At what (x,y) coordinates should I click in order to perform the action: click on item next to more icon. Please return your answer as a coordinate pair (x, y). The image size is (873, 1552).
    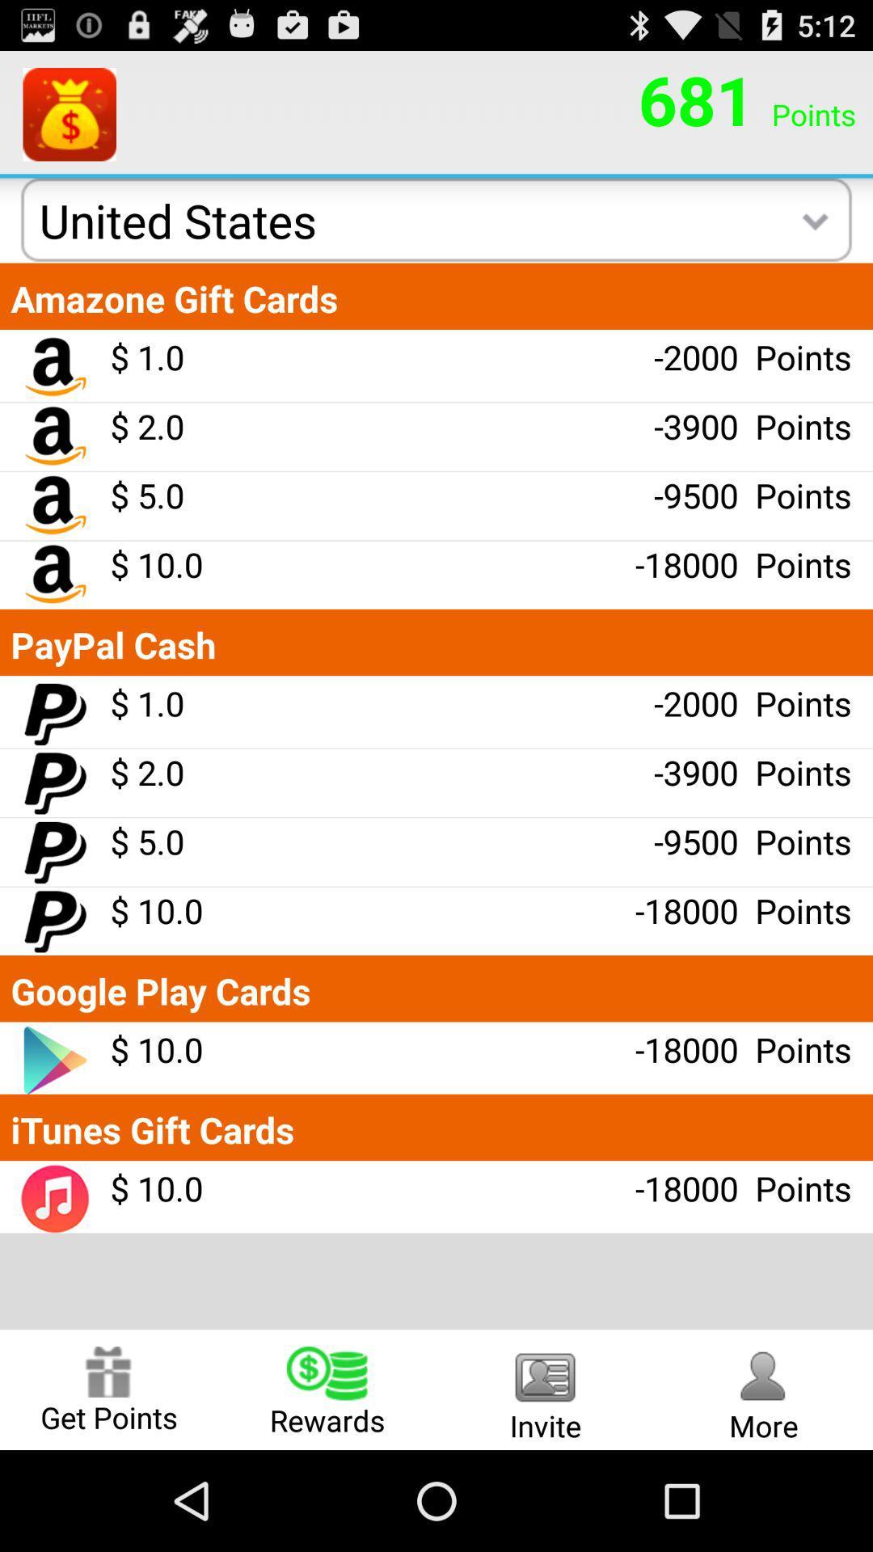
    Looking at the image, I should click on (546, 1389).